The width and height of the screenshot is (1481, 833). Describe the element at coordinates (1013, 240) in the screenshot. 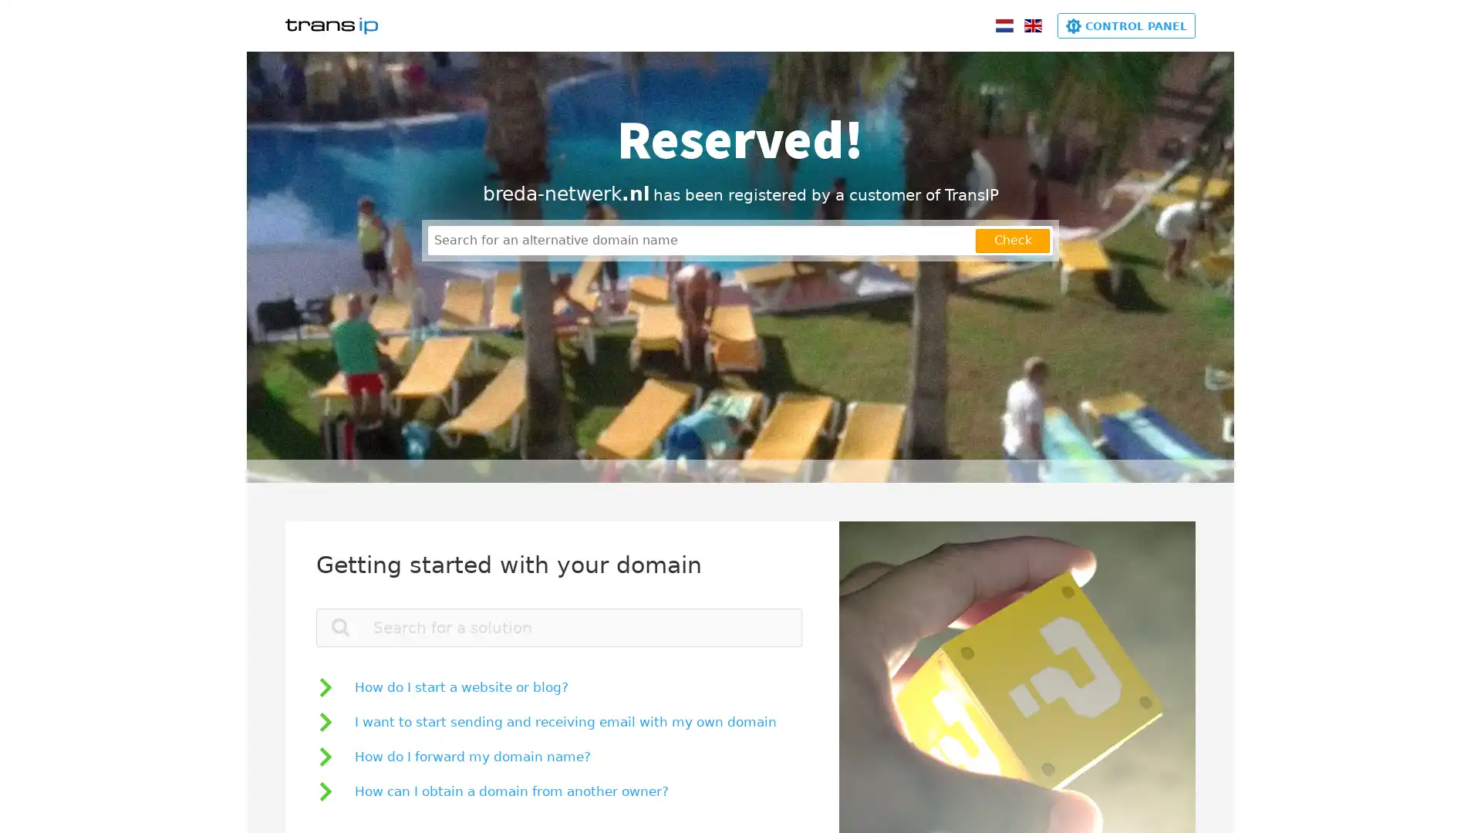

I see `Check` at that location.